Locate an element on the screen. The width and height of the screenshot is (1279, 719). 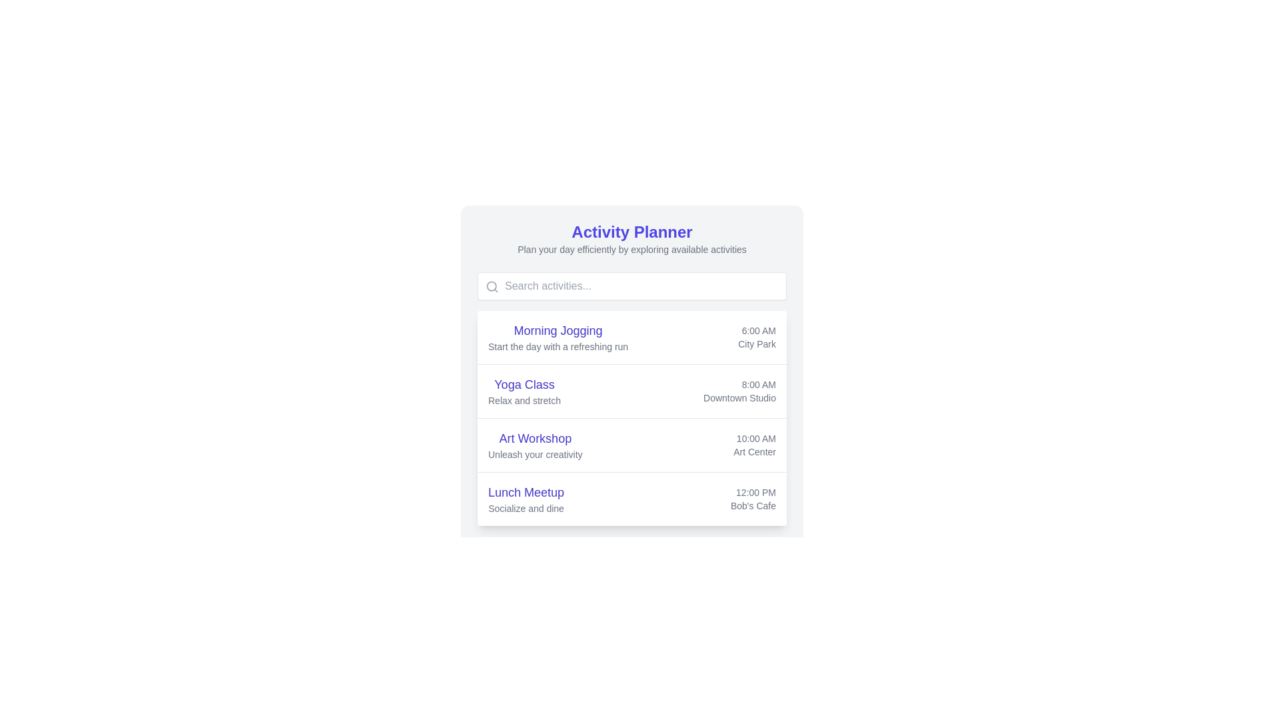
the time label displaying '6:00 AM' located in the top right of the 'Morning Jogging' activity listing in the 'Activity Planner' is located at coordinates (757, 330).